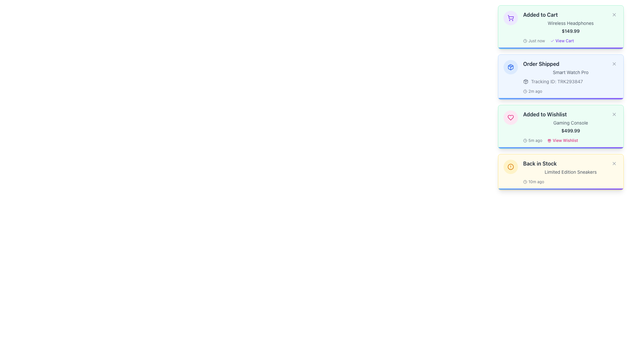 This screenshot has width=629, height=354. Describe the element at coordinates (570, 140) in the screenshot. I see `the Compound text and link component in the 'Added to Wishlist' notification card, which displays '5m ago' and 'View Wishlist'` at that location.